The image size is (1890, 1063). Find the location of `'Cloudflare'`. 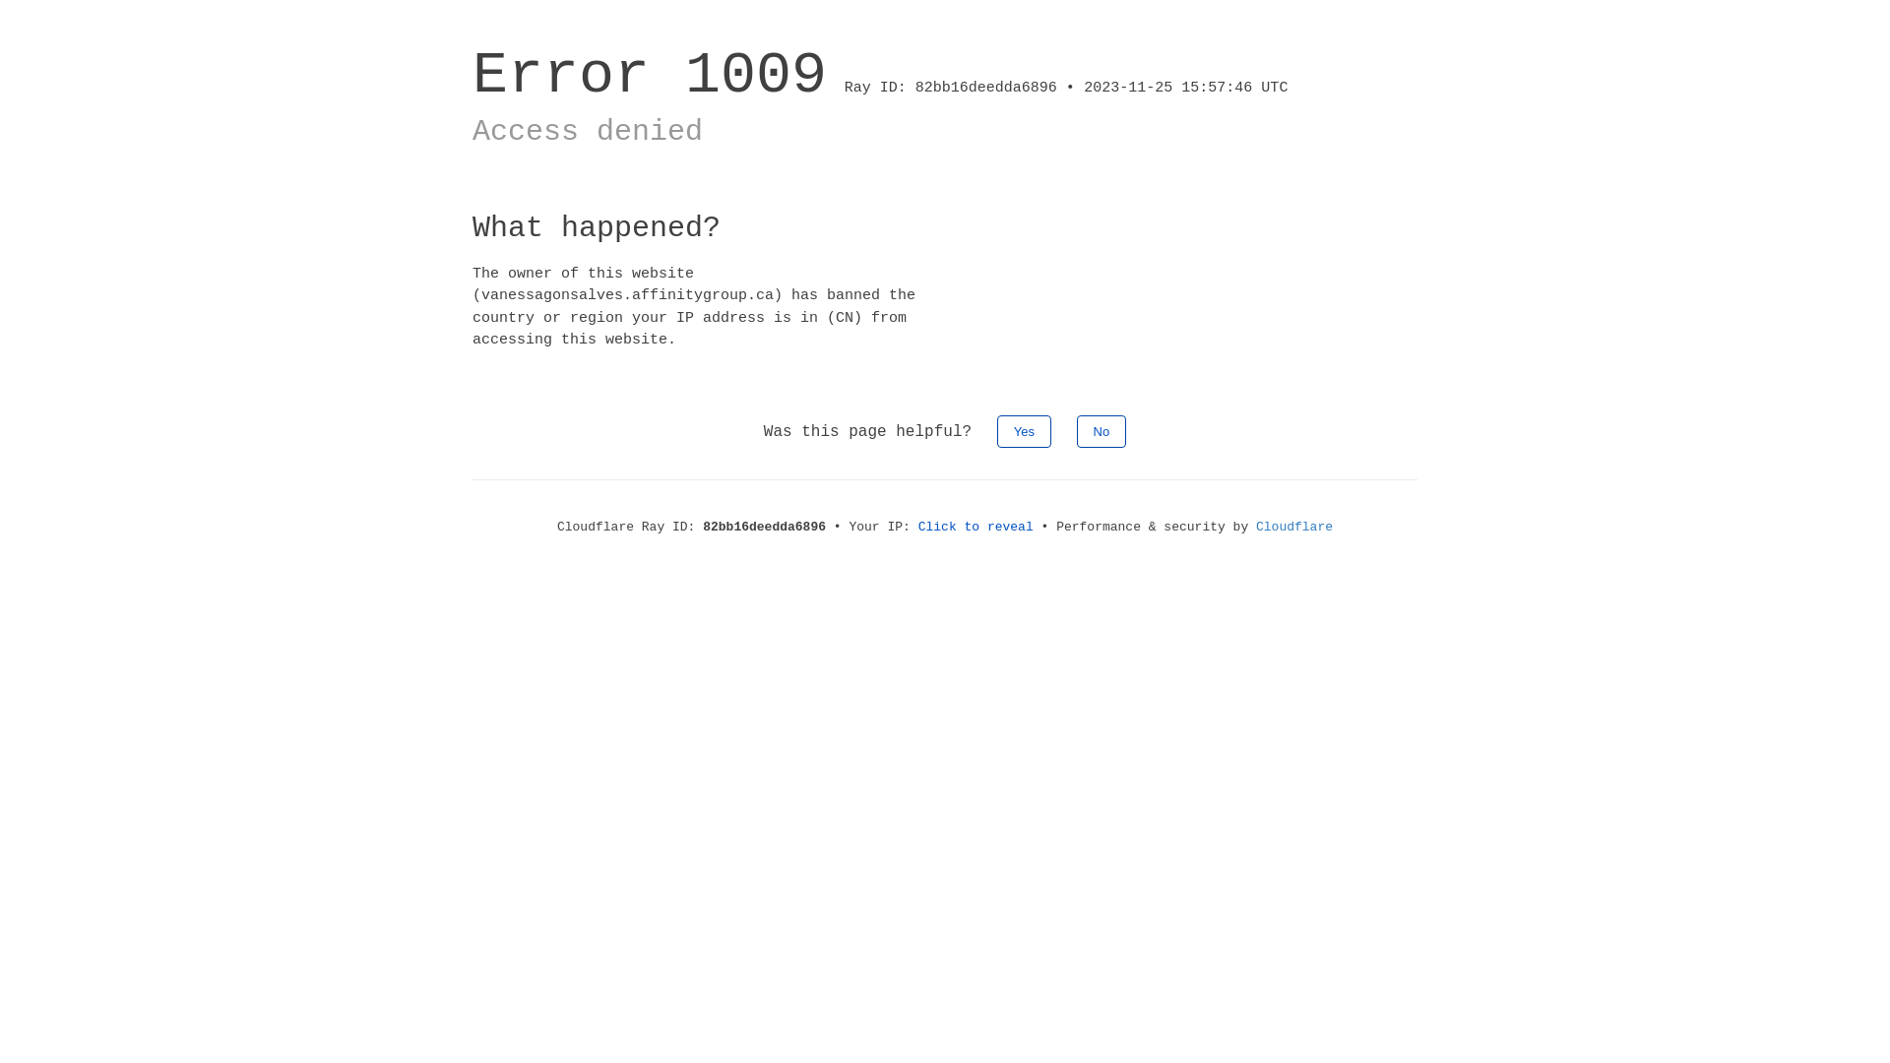

'Cloudflare' is located at coordinates (1294, 526).